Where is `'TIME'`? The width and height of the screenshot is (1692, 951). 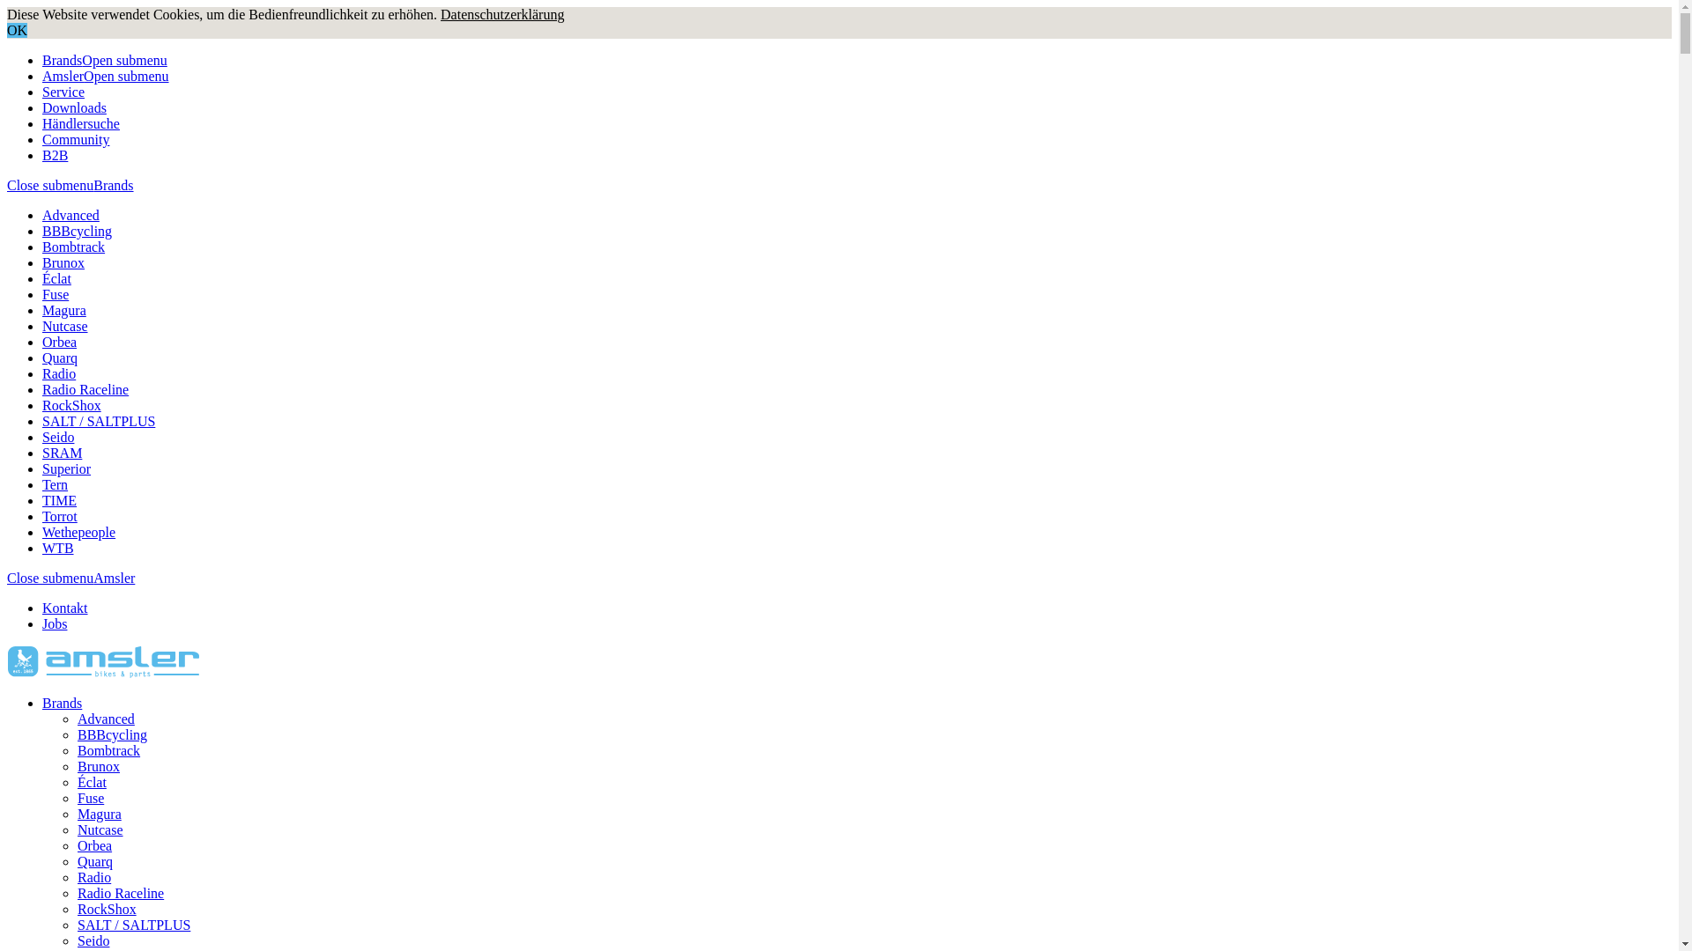
'TIME' is located at coordinates (59, 500).